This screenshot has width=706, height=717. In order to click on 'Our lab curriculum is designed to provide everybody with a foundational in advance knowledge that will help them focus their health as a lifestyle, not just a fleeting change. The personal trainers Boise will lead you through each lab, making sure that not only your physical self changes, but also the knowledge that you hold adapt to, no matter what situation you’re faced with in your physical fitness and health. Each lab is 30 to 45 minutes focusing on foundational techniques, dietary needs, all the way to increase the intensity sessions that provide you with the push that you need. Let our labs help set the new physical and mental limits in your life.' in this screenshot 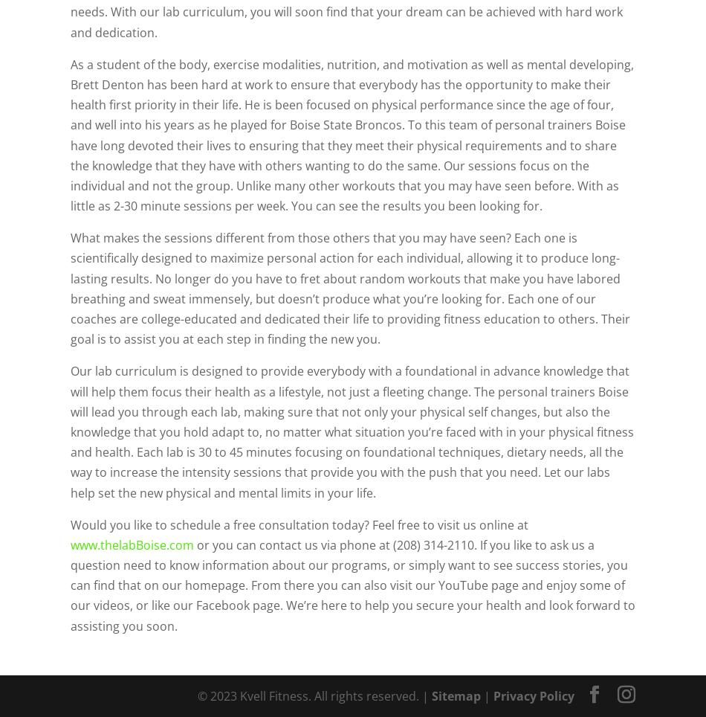, I will do `click(351, 431)`.